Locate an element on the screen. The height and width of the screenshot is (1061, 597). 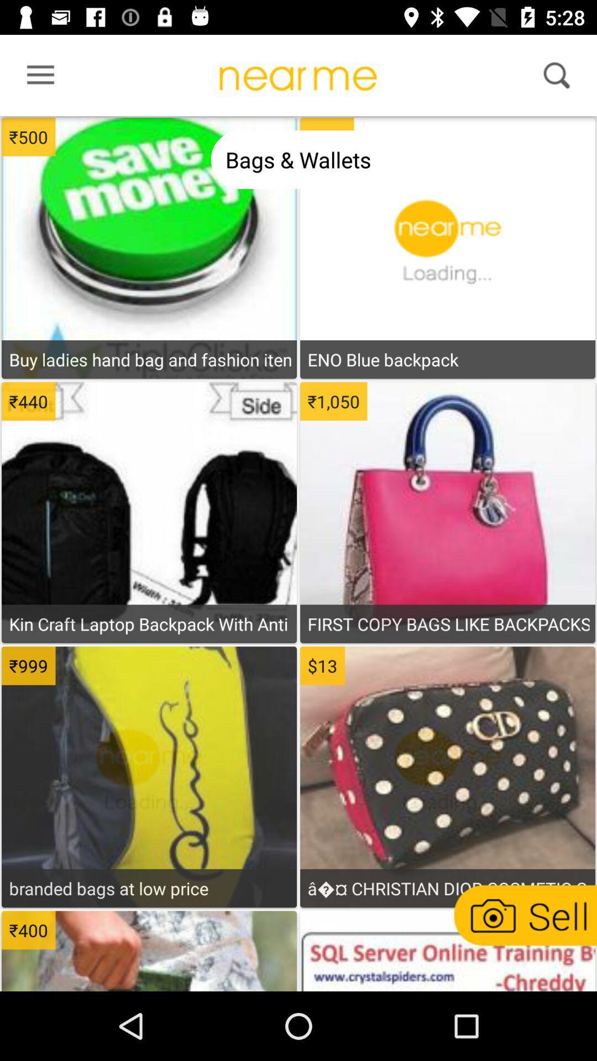
display more information is located at coordinates (149, 397).